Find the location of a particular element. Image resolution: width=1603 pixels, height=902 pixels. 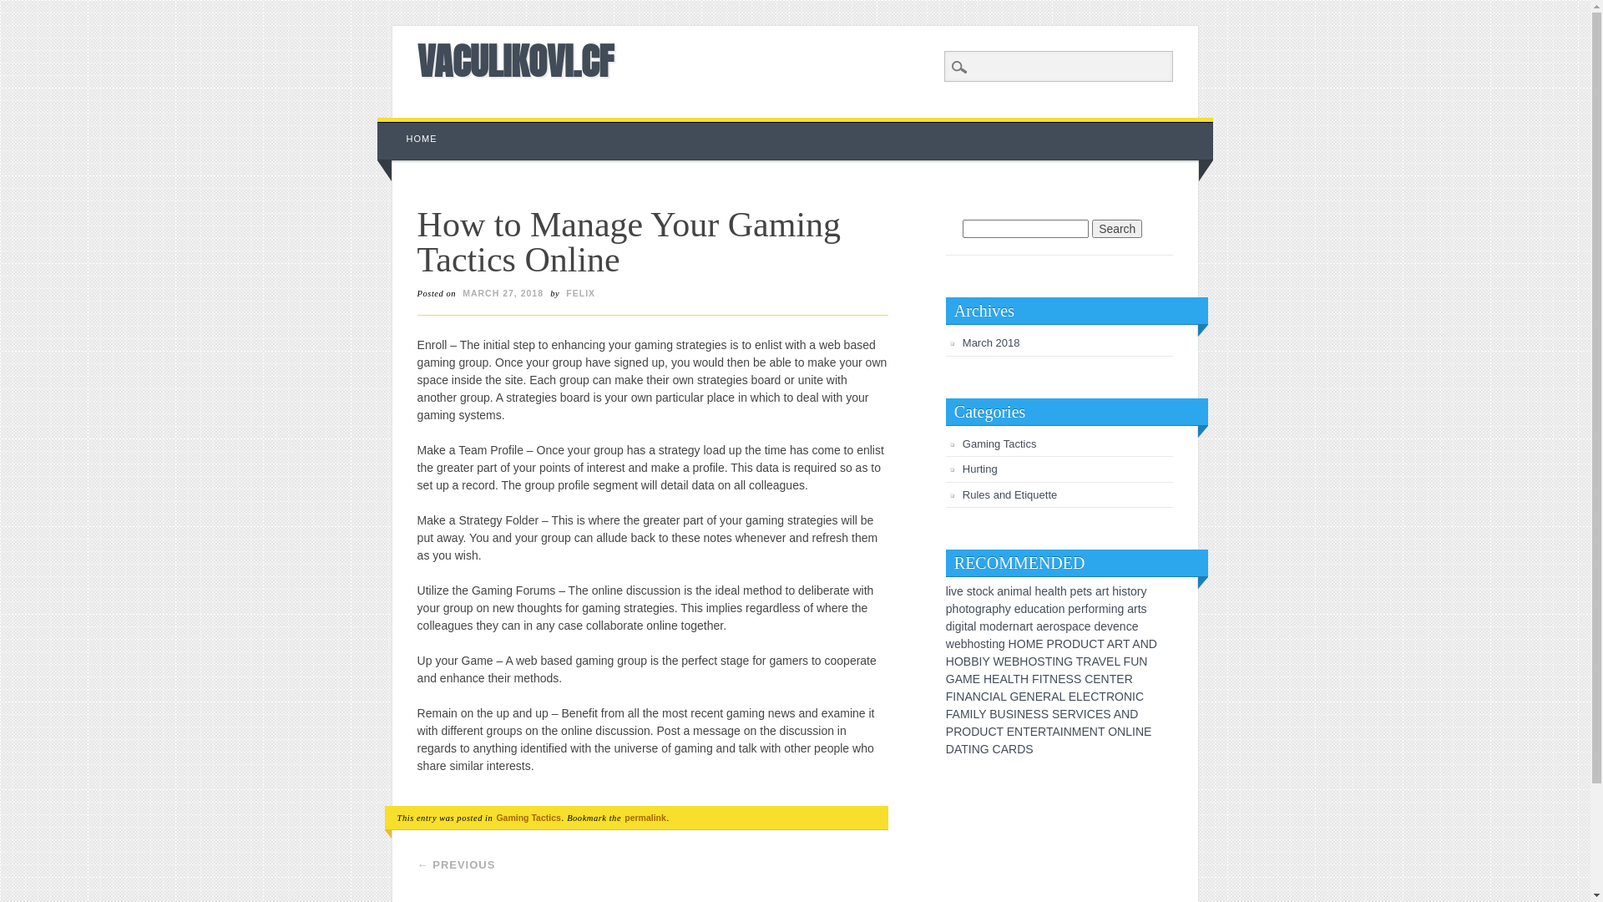

'M' is located at coordinates (1029, 643).